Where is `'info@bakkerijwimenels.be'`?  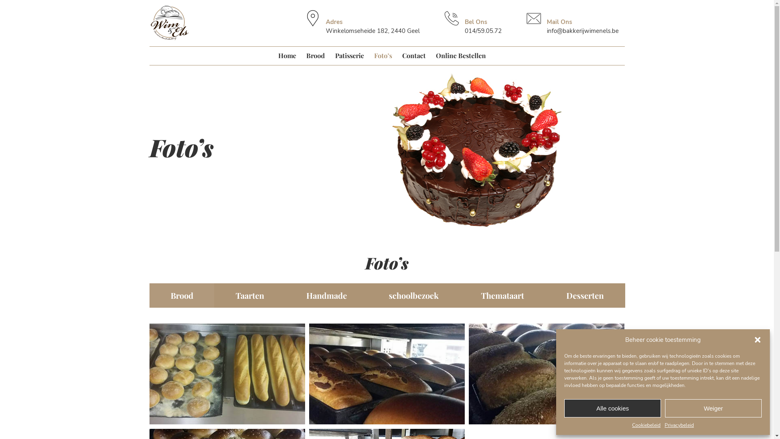 'info@bakkerijwimenels.be' is located at coordinates (582, 30).